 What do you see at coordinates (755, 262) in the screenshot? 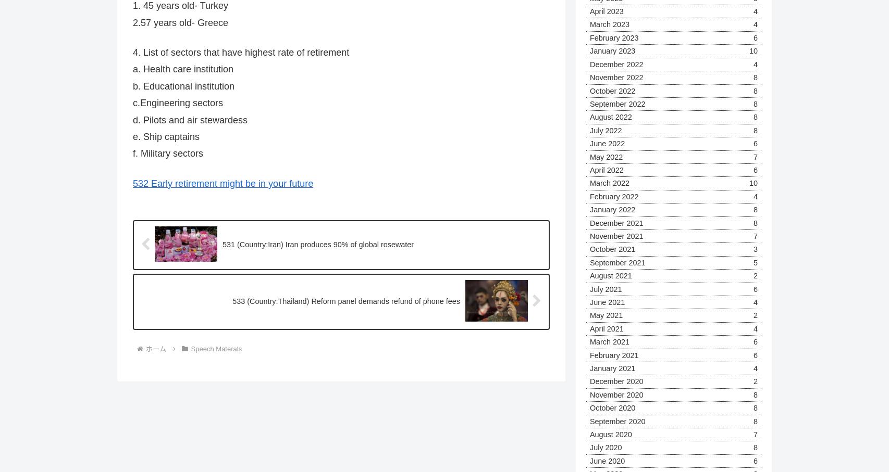
I see `'5'` at bounding box center [755, 262].